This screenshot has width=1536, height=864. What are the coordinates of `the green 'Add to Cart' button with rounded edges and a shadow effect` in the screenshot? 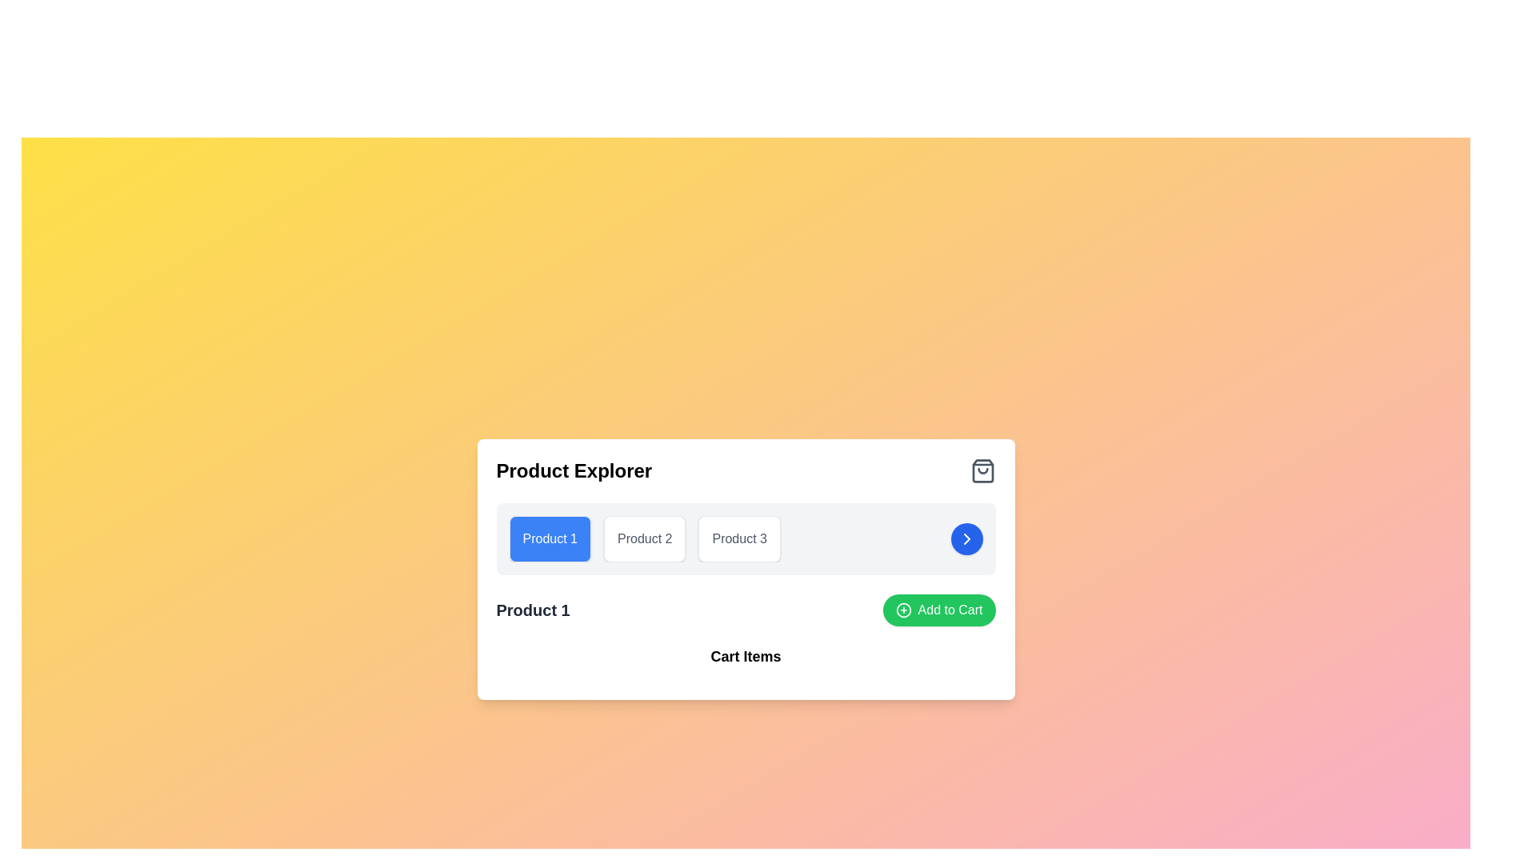 It's located at (939, 610).